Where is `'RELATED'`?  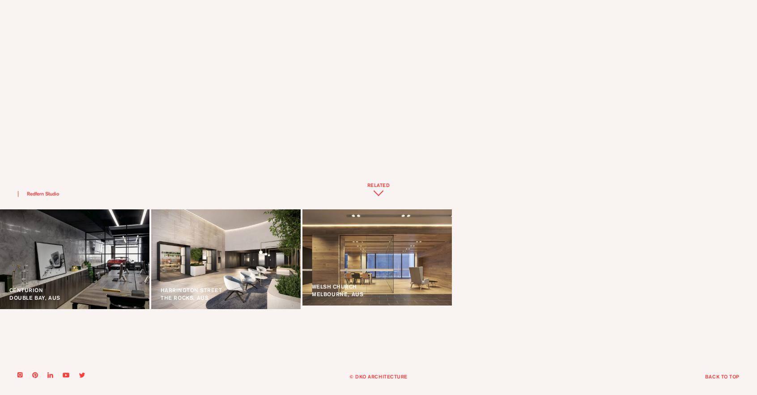 'RELATED' is located at coordinates (366, 186).